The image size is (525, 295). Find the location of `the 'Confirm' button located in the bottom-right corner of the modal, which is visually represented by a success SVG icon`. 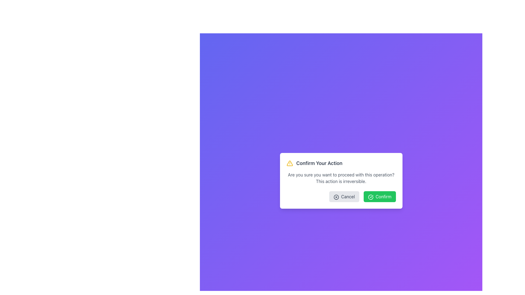

the 'Confirm' button located in the bottom-right corner of the modal, which is visually represented by a success SVG icon is located at coordinates (371, 197).